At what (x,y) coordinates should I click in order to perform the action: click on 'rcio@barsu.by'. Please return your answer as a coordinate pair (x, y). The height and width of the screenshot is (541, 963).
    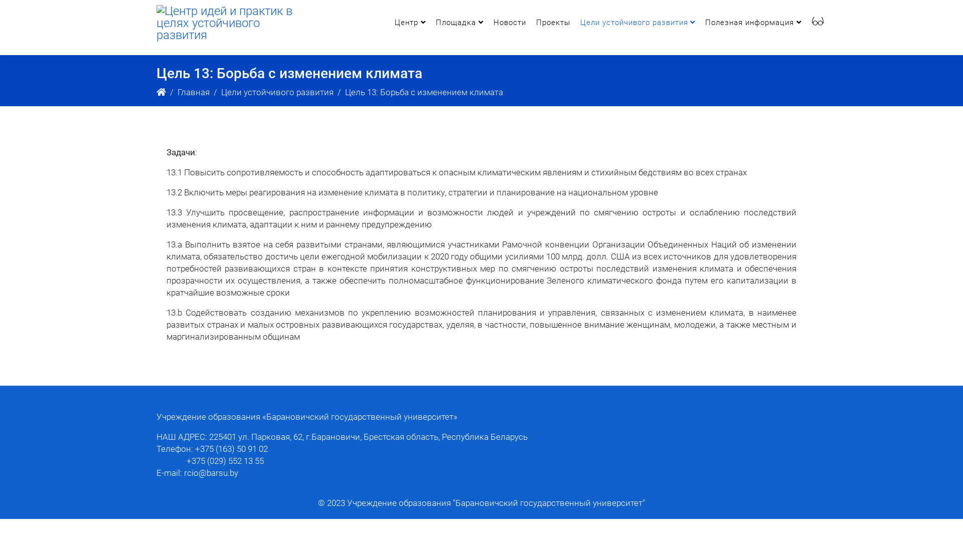
    Looking at the image, I should click on (211, 473).